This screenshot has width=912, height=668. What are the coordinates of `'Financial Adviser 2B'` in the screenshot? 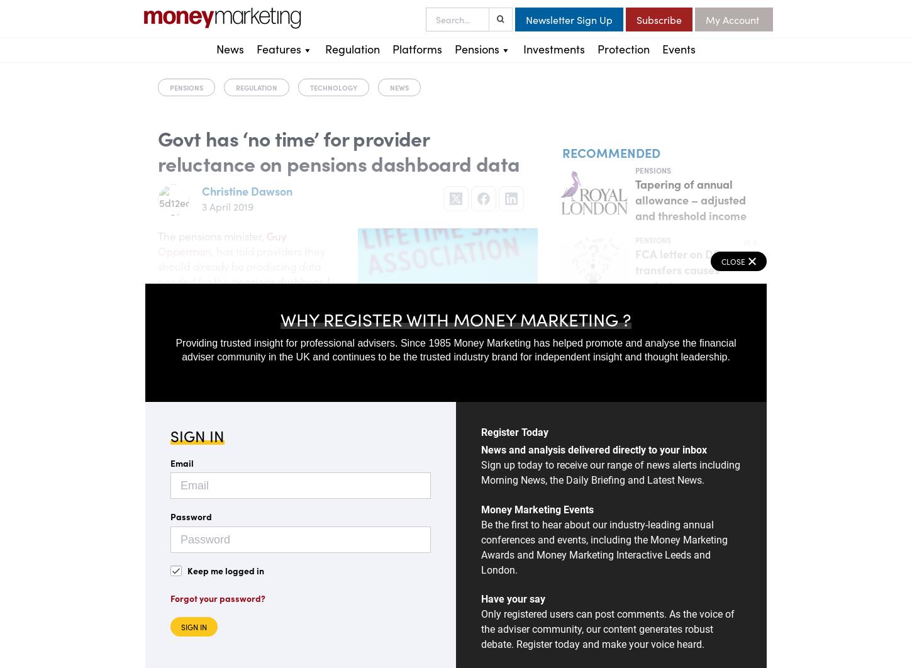 It's located at (256, 179).